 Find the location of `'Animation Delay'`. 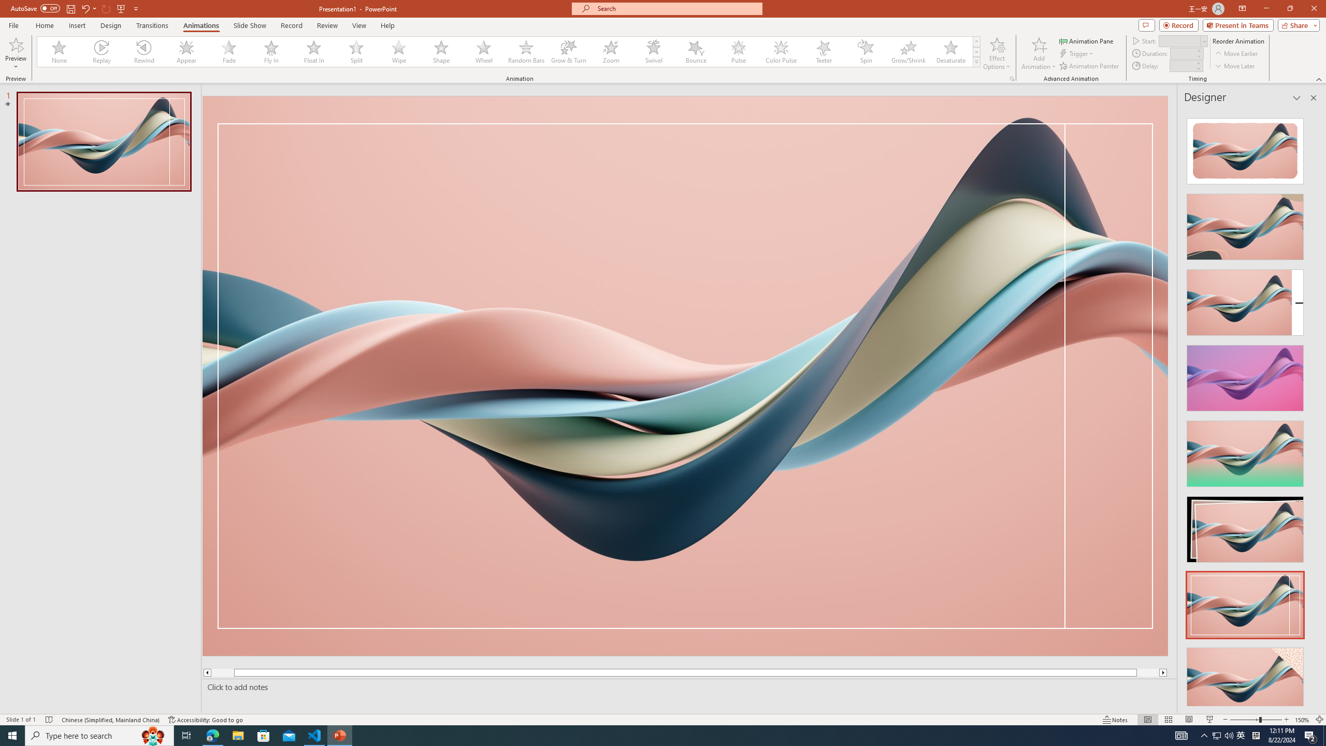

'Animation Delay' is located at coordinates (1180, 65).